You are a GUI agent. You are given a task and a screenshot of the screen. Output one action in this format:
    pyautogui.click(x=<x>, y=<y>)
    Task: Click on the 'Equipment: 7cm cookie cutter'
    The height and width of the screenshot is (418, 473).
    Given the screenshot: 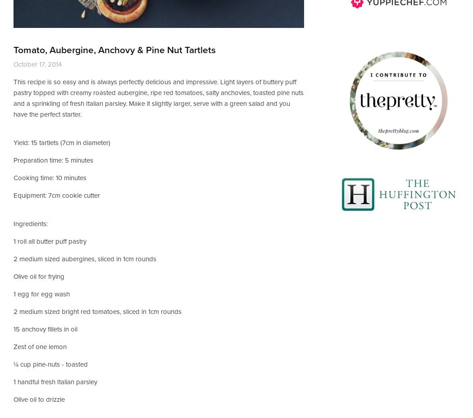 What is the action you would take?
    pyautogui.click(x=56, y=195)
    